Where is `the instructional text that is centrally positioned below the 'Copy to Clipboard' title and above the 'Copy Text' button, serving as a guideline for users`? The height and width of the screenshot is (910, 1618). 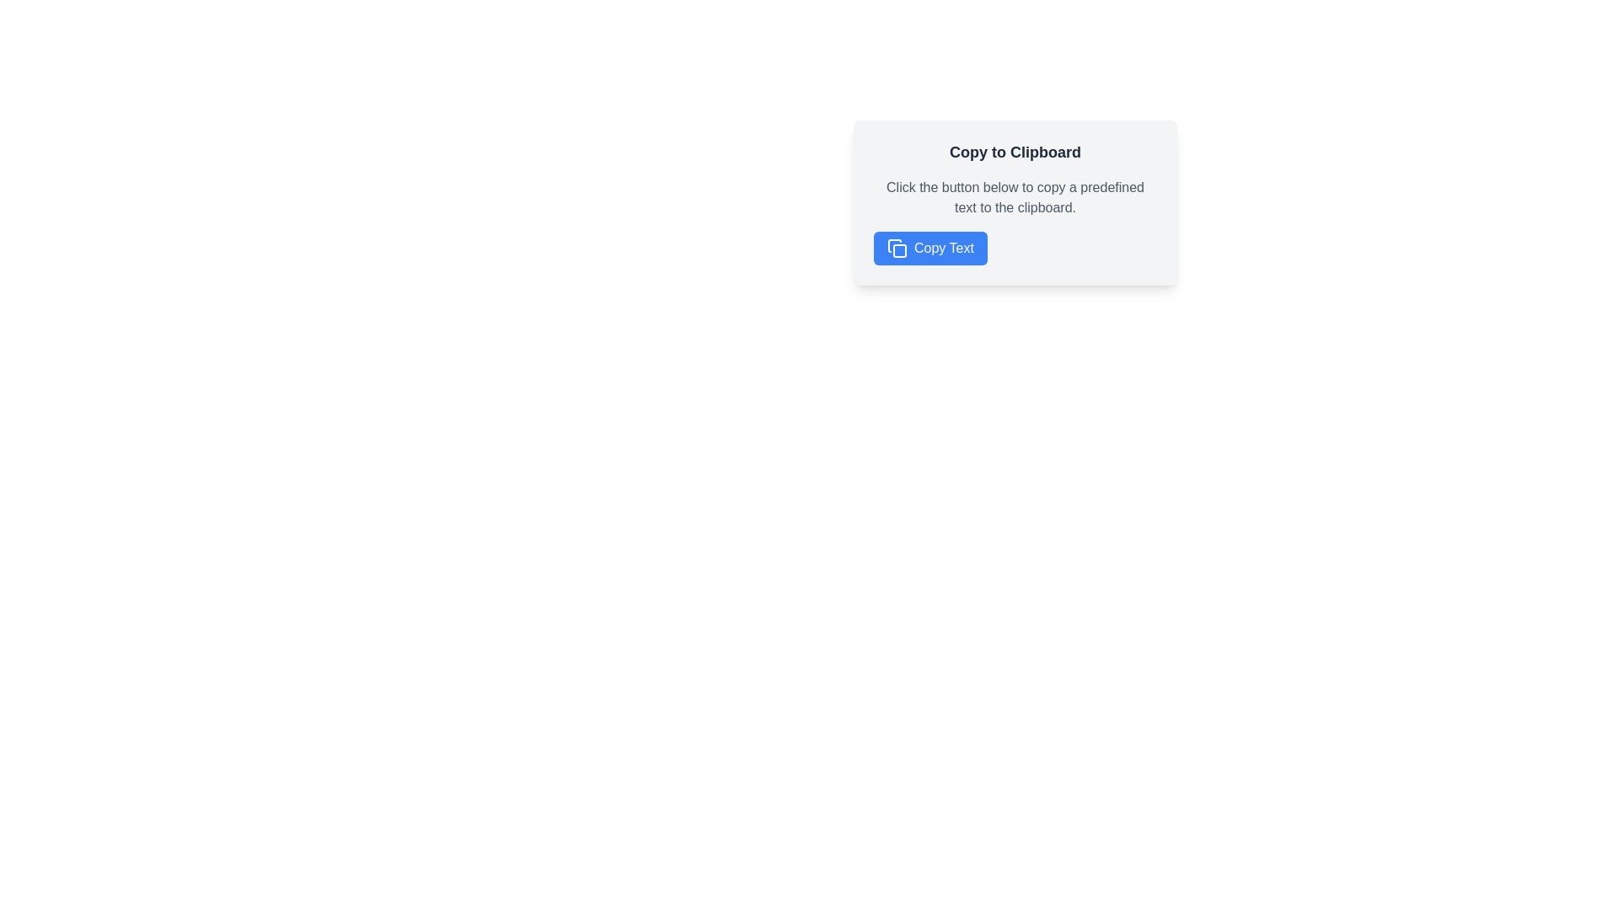
the instructional text that is centrally positioned below the 'Copy to Clipboard' title and above the 'Copy Text' button, serving as a guideline for users is located at coordinates (1014, 197).